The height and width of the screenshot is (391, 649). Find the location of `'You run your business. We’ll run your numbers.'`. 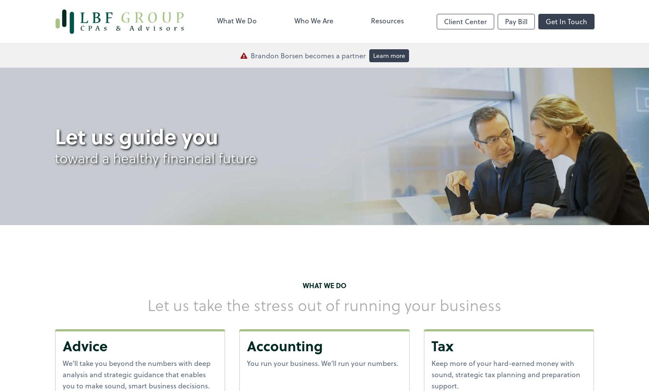

'You run your business. We’ll run your numbers.' is located at coordinates (322, 362).